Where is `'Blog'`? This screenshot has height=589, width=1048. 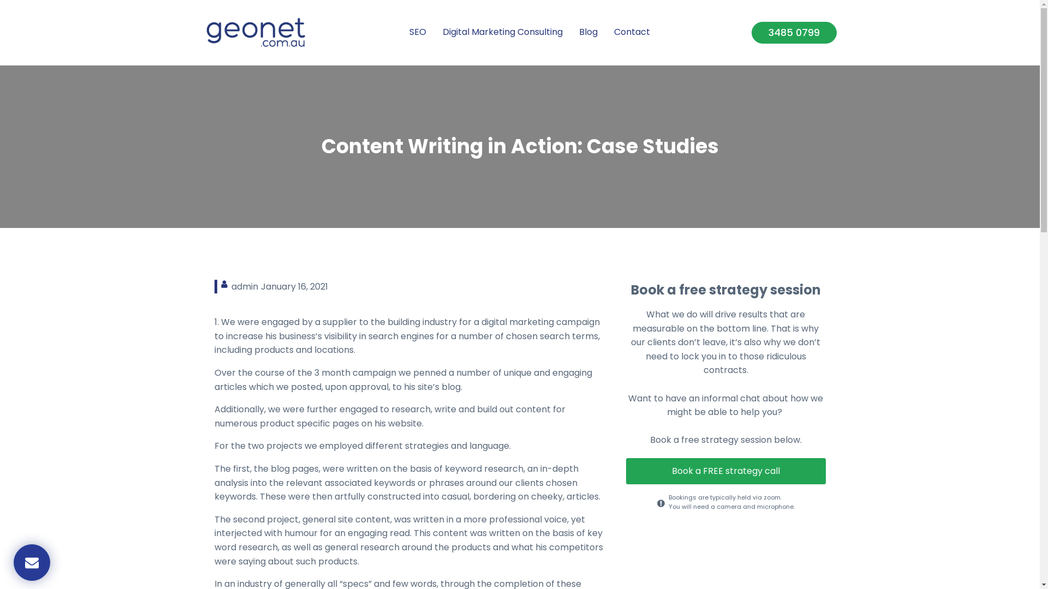
'Blog' is located at coordinates (588, 32).